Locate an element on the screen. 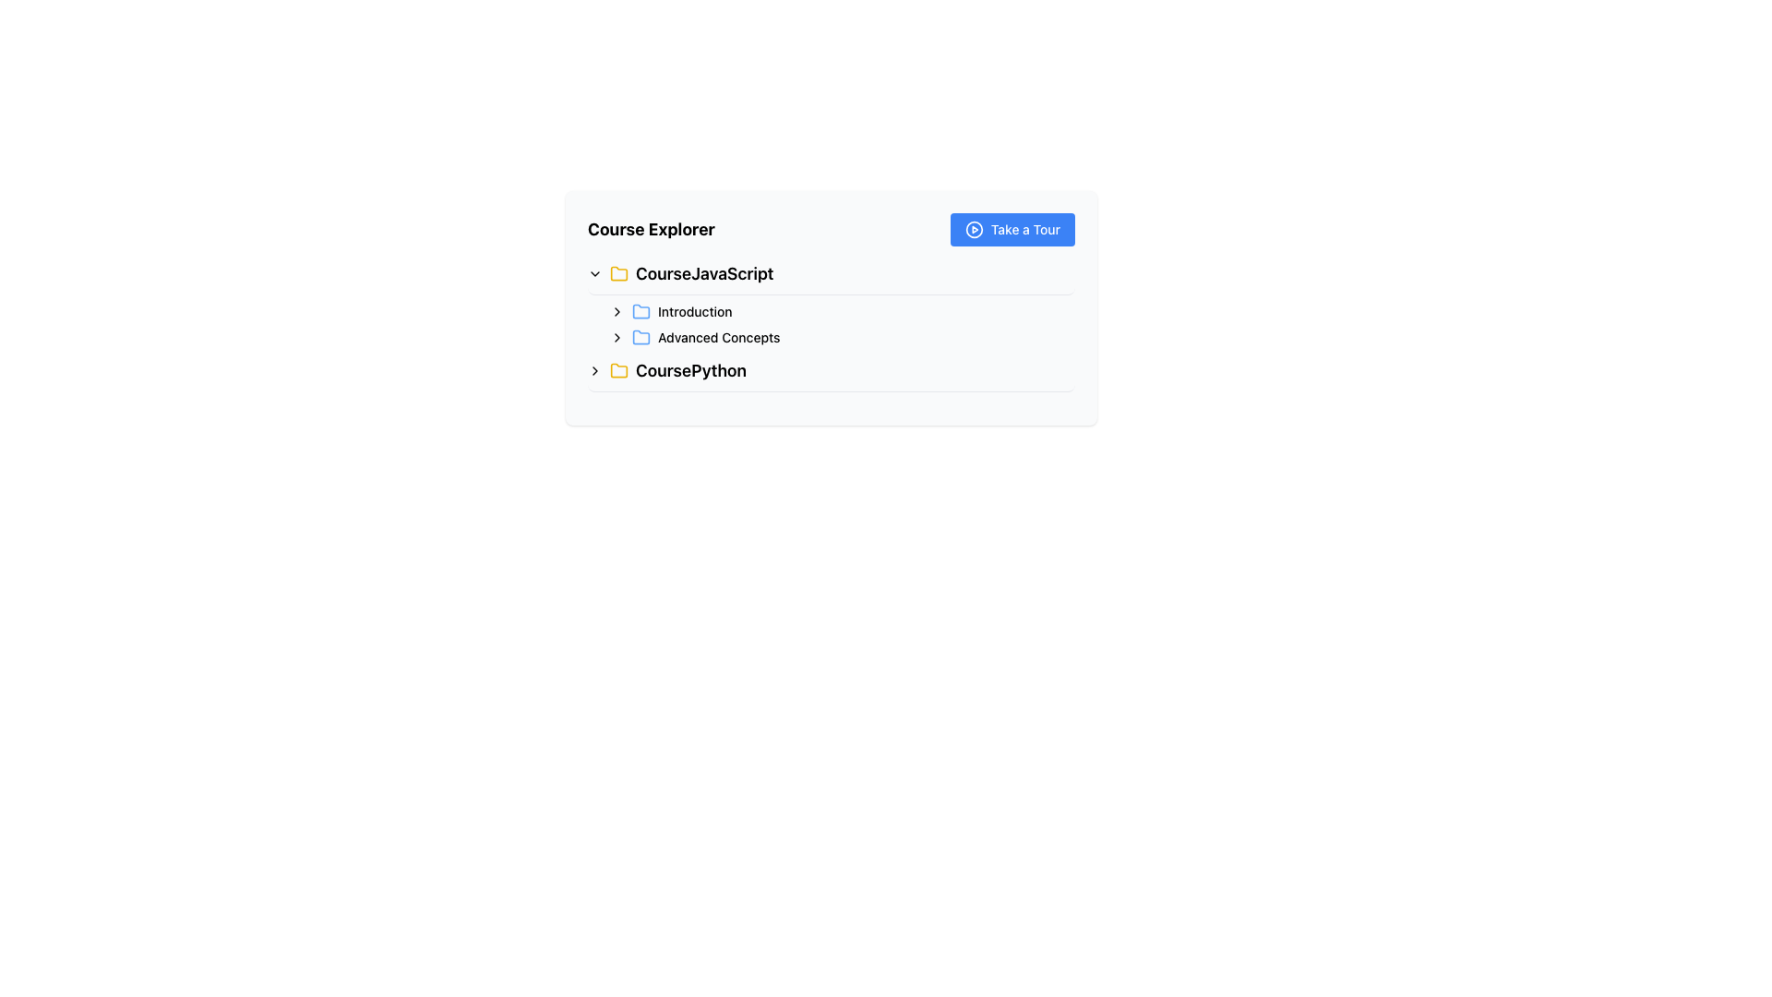  the folder icon representing the 'Advanced Concepts' section in the Course Explorer tool is located at coordinates (641, 337).